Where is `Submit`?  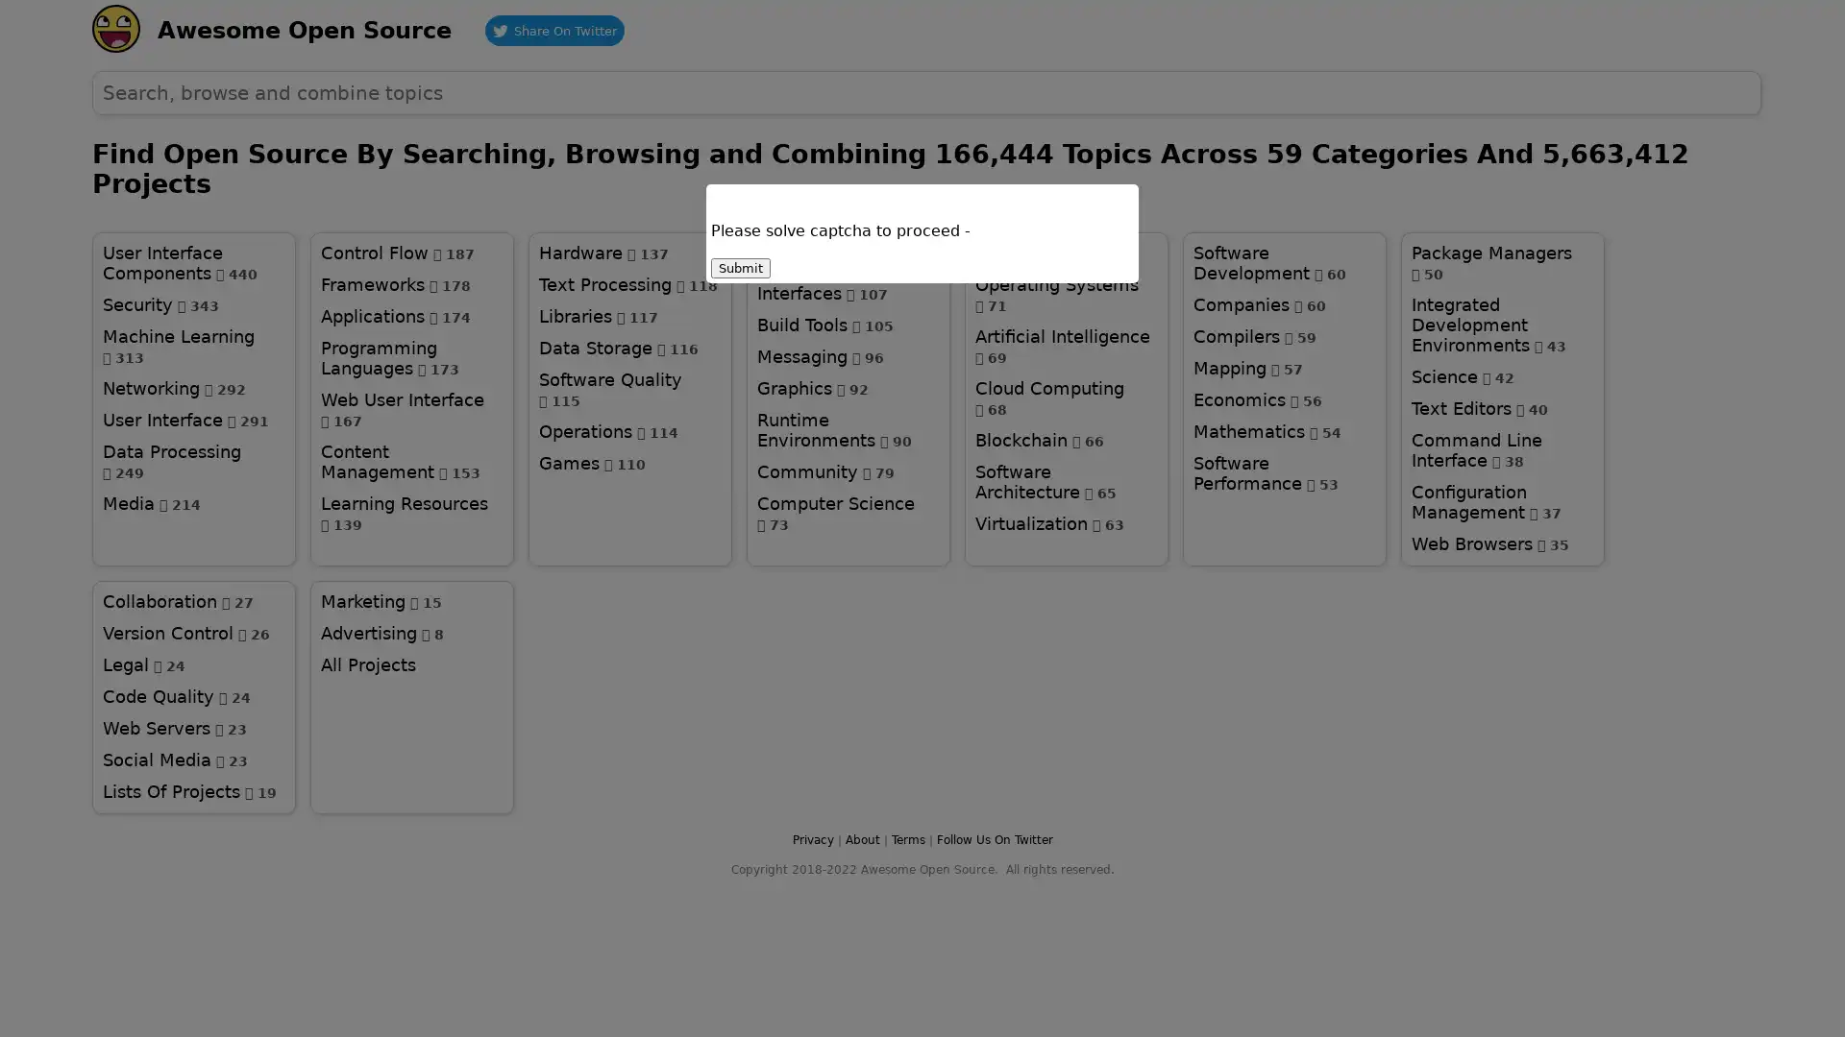
Submit is located at coordinates (740, 342).